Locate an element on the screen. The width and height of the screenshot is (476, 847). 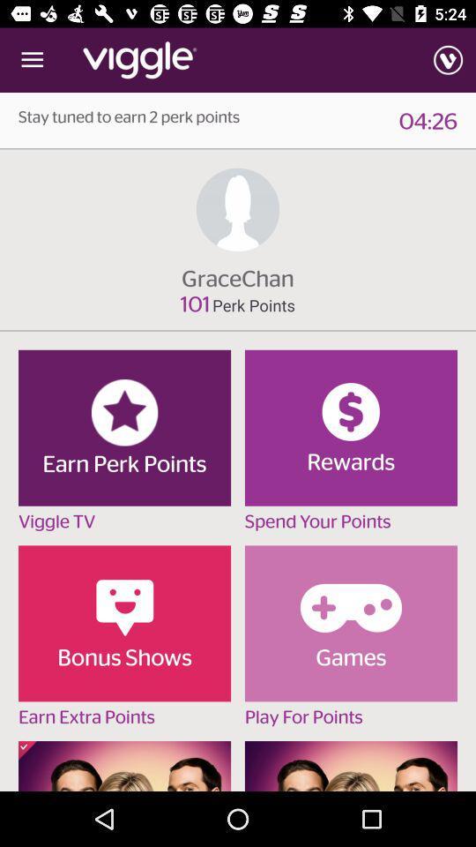
the item above the 04:26 icon is located at coordinates (448, 60).